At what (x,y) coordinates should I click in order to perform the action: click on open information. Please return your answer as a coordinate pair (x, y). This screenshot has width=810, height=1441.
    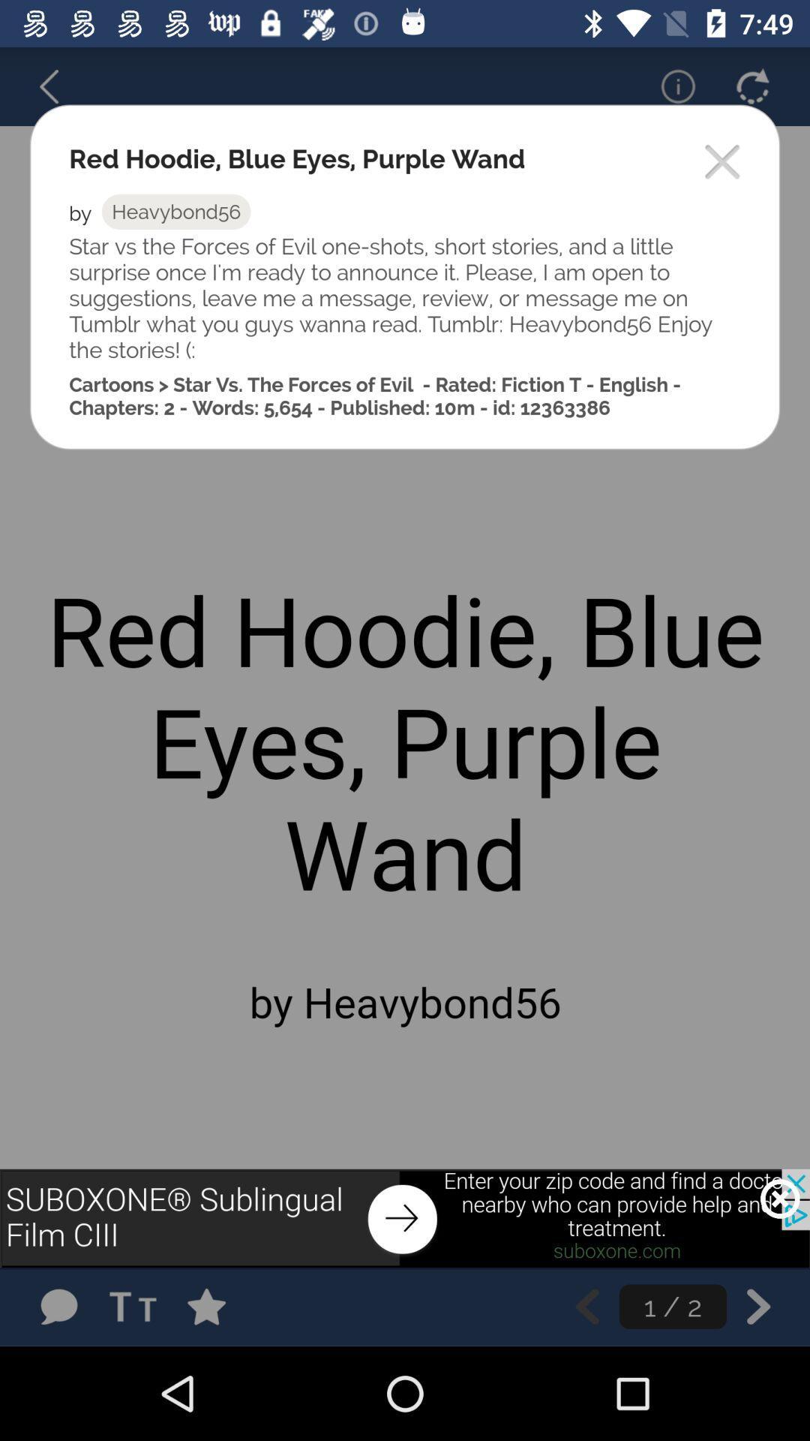
    Looking at the image, I should click on (667, 86).